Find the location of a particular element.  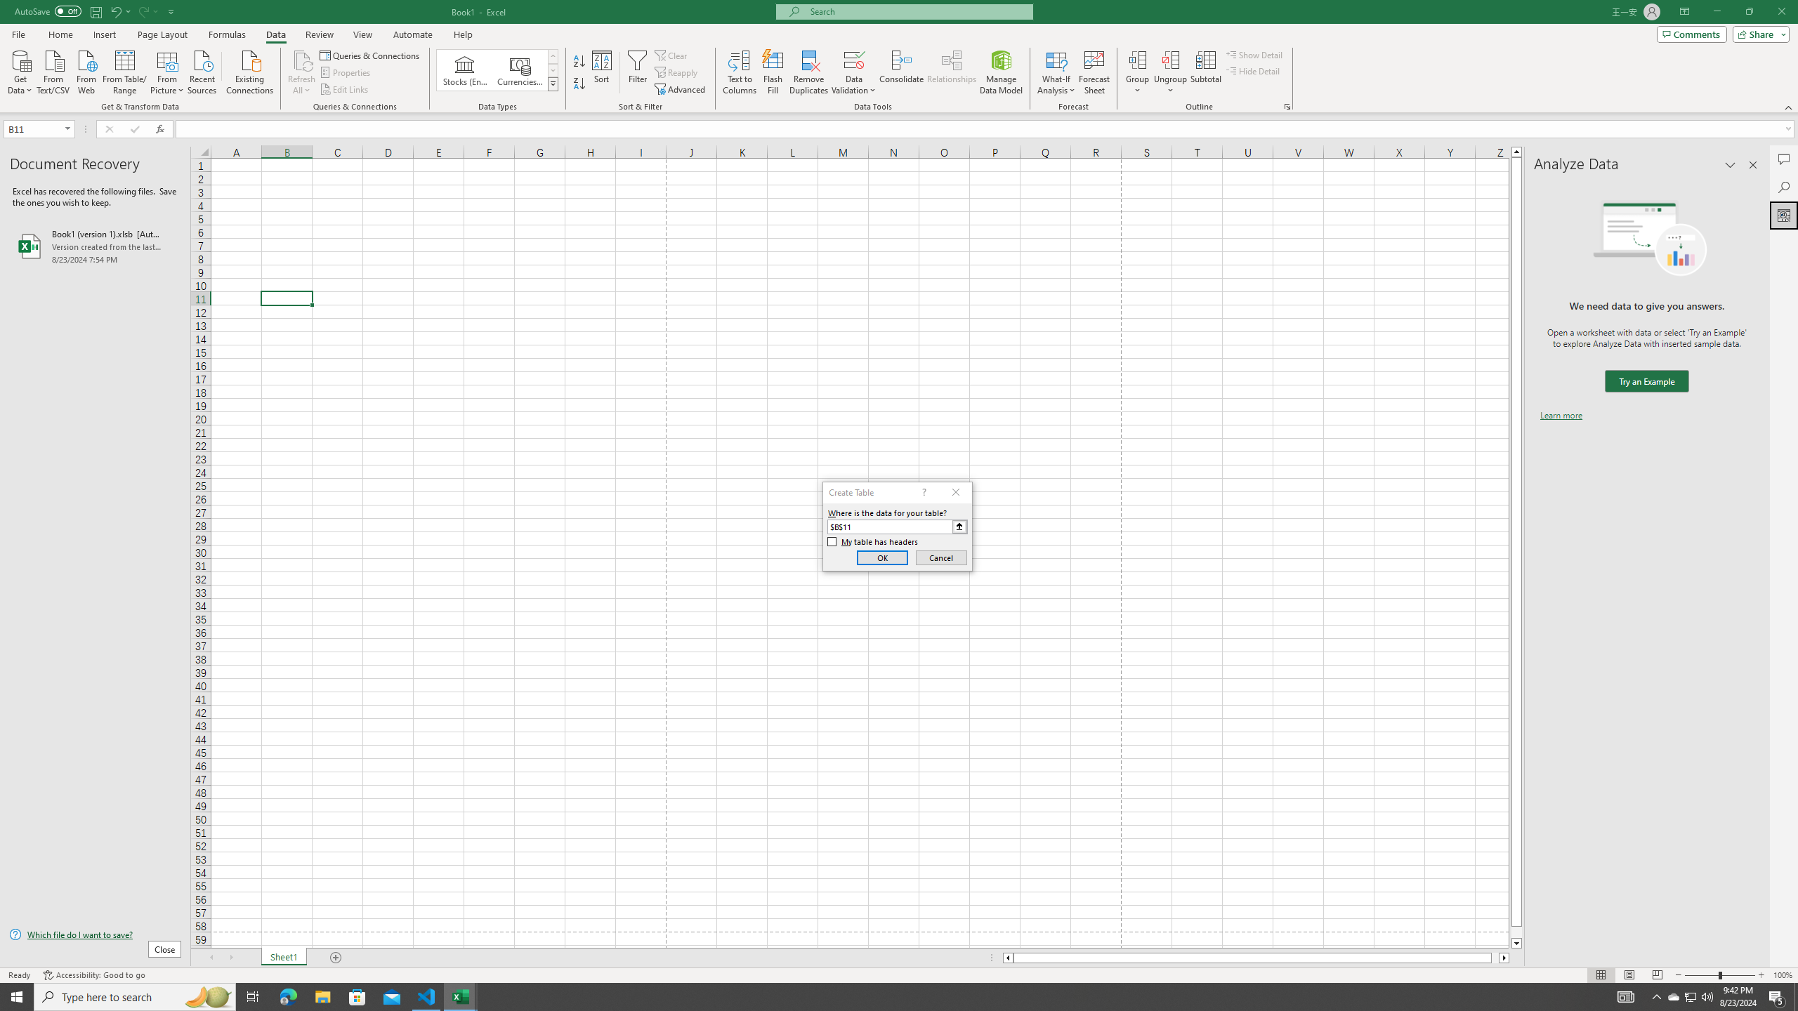

'Refresh All' is located at coordinates (301, 72).